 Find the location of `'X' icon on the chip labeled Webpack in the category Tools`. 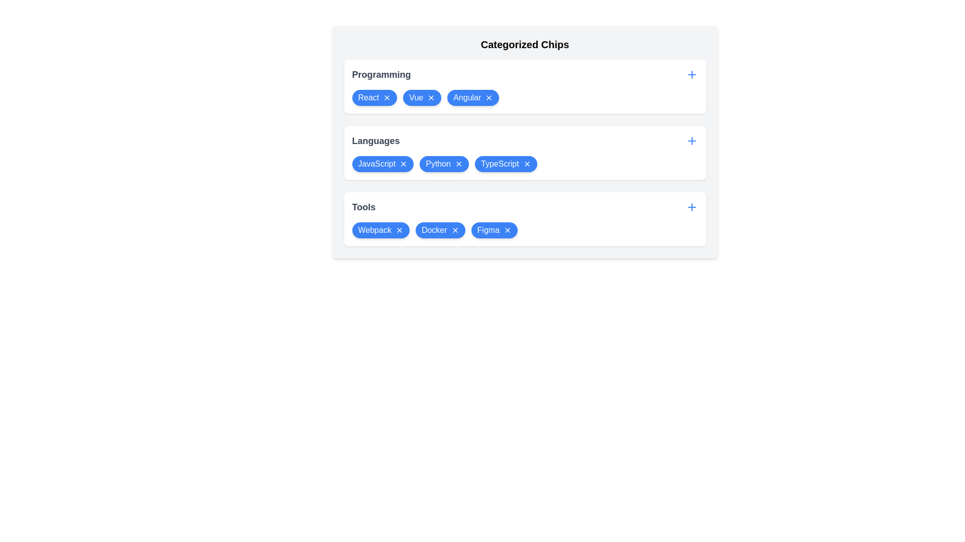

'X' icon on the chip labeled Webpack in the category Tools is located at coordinates (399, 230).